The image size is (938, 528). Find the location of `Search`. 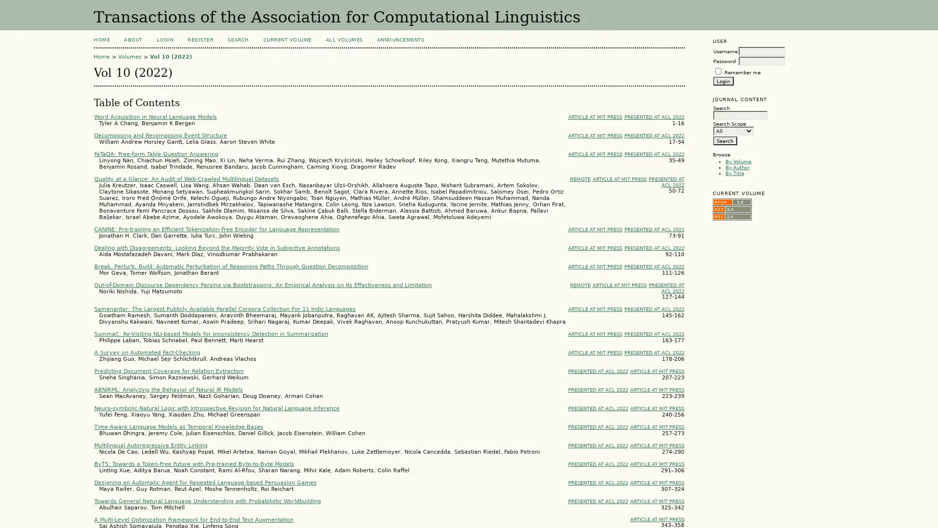

Search is located at coordinates (725, 140).